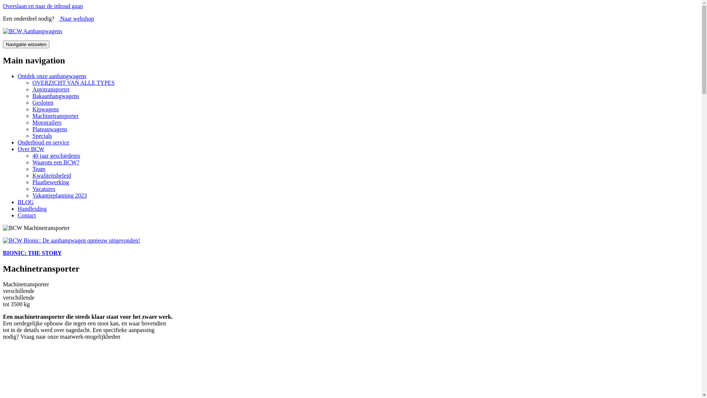 This screenshot has height=398, width=707. I want to click on 'Overslaan en naar de inhoud gaan', so click(42, 6).